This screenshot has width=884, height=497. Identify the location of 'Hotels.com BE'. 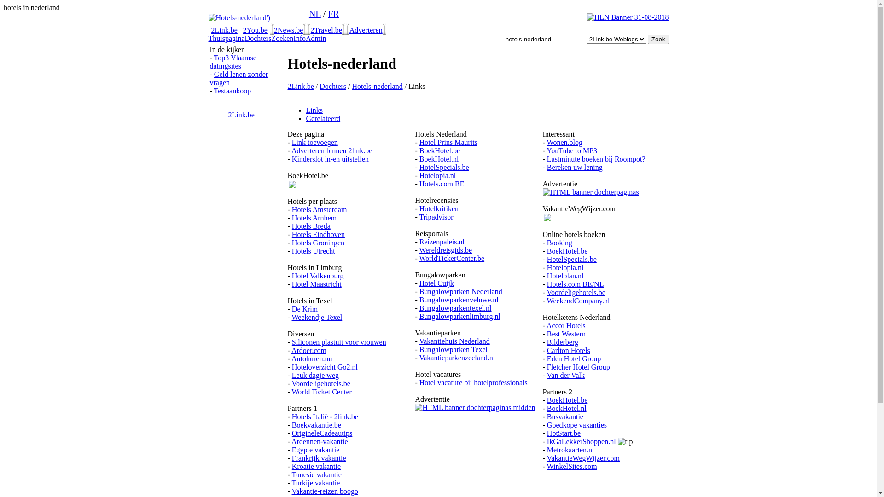
(419, 184).